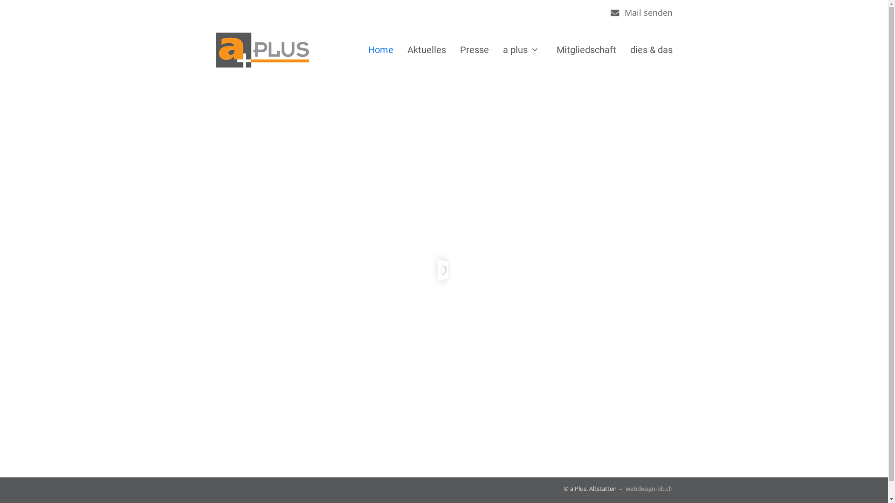 This screenshot has height=503, width=895. What do you see at coordinates (453, 50) in the screenshot?
I see `'Presse'` at bounding box center [453, 50].